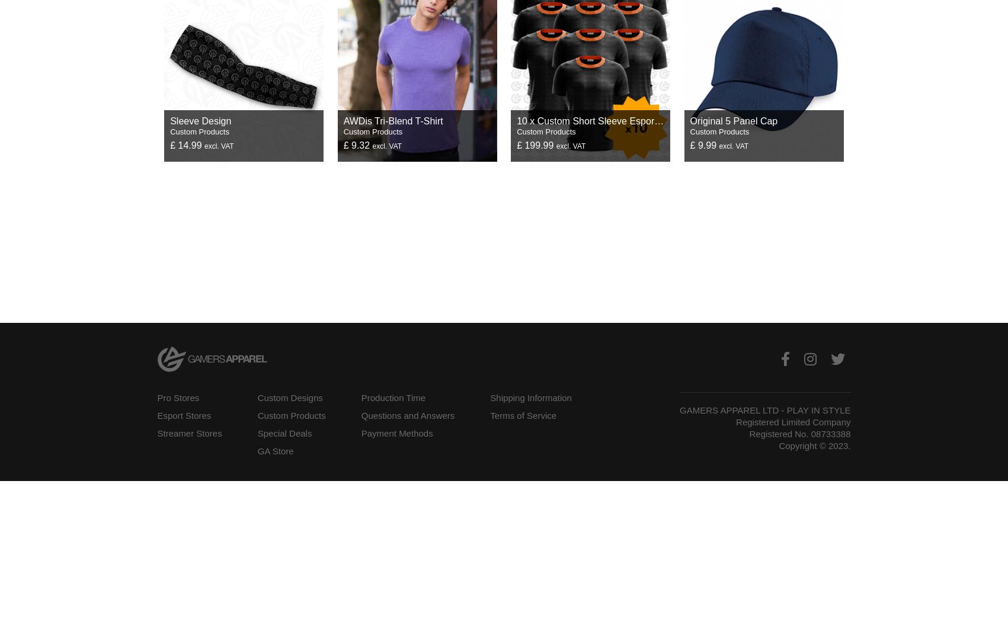 This screenshot has width=1008, height=625. Describe the element at coordinates (187, 145) in the screenshot. I see `'£ 14.99'` at that location.